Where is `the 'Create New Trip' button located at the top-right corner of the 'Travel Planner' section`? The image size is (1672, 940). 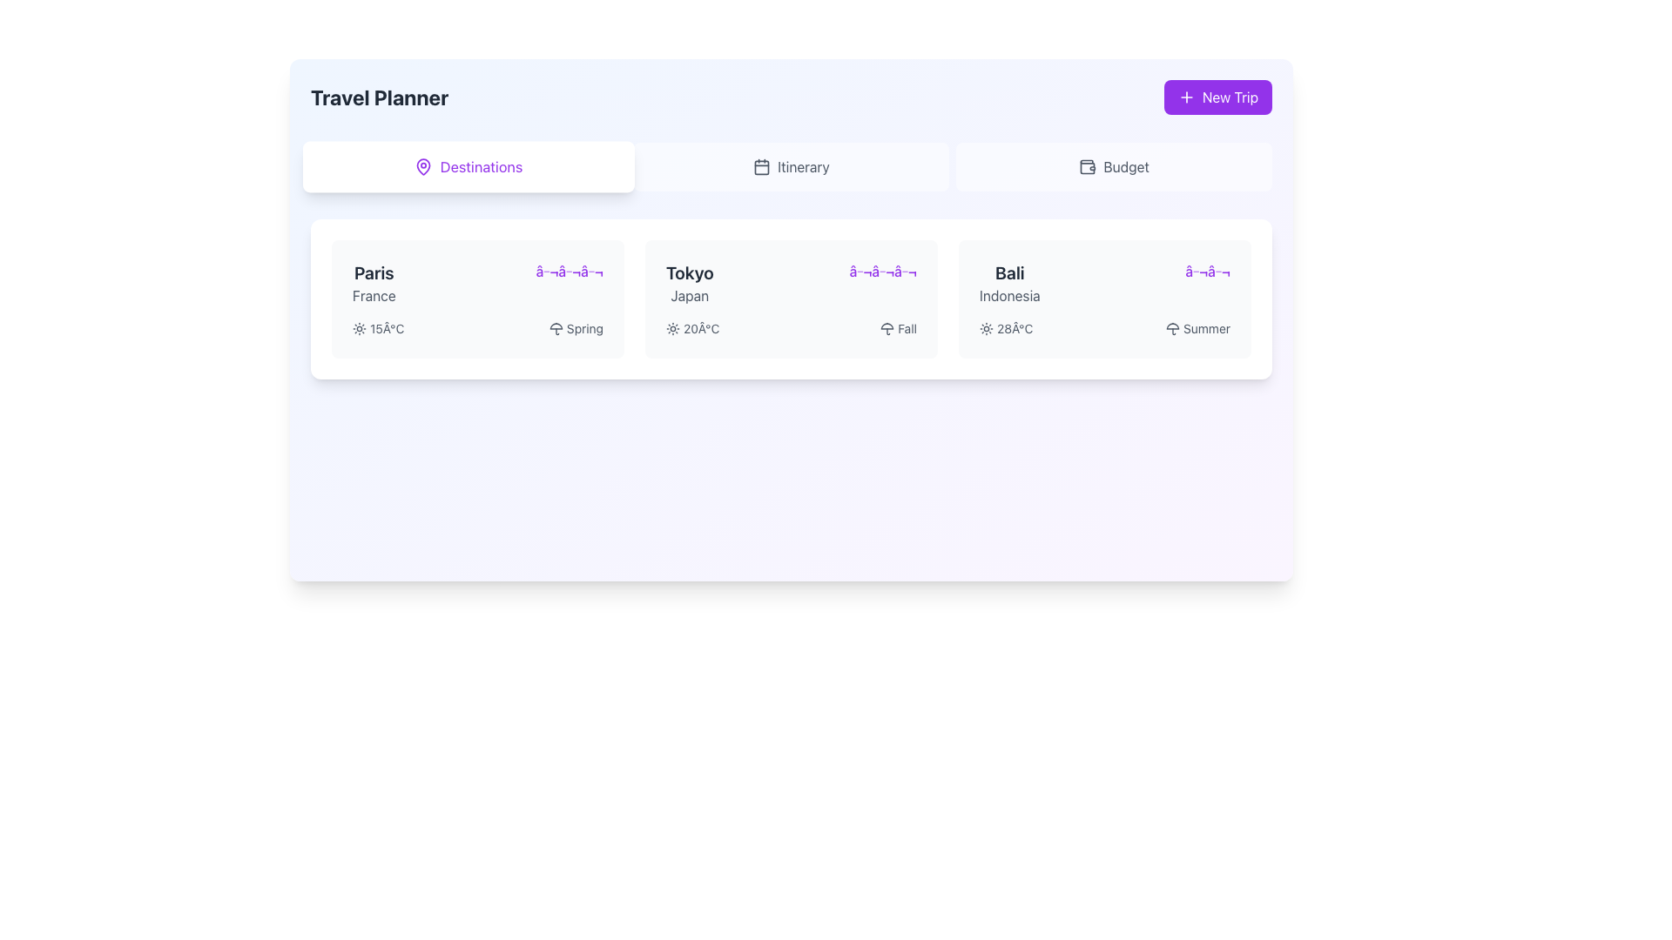
the 'Create New Trip' button located at the top-right corner of the 'Travel Planner' section is located at coordinates (1217, 97).